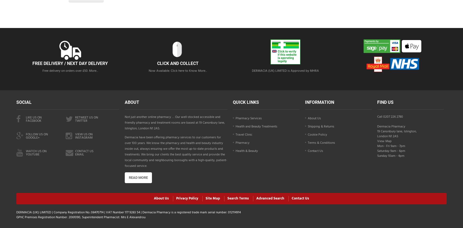  Describe the element at coordinates (391, 146) in the screenshot. I see `'Mon - Fri 9am - 7pm'` at that location.